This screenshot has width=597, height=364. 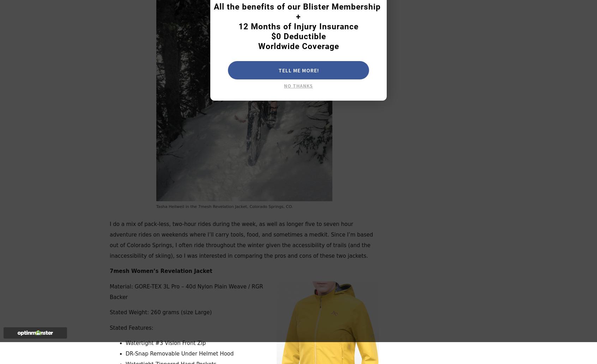 What do you see at coordinates (298, 36) in the screenshot?
I see `'$0 Deductible'` at bounding box center [298, 36].